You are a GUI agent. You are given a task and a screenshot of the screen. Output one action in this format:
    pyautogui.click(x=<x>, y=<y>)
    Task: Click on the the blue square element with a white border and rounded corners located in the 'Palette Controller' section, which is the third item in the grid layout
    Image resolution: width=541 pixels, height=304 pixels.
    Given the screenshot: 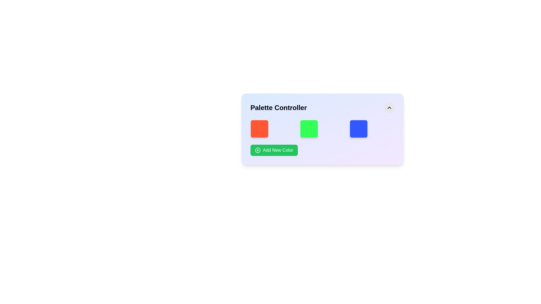 What is the action you would take?
    pyautogui.click(x=358, y=129)
    